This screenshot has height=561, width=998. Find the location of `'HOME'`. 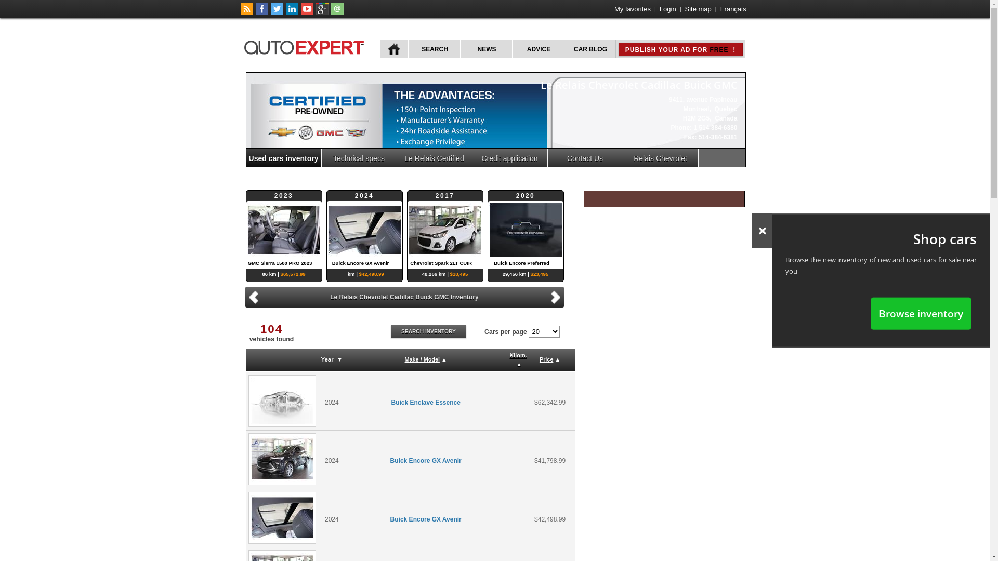

'HOME' is located at coordinates (379, 49).